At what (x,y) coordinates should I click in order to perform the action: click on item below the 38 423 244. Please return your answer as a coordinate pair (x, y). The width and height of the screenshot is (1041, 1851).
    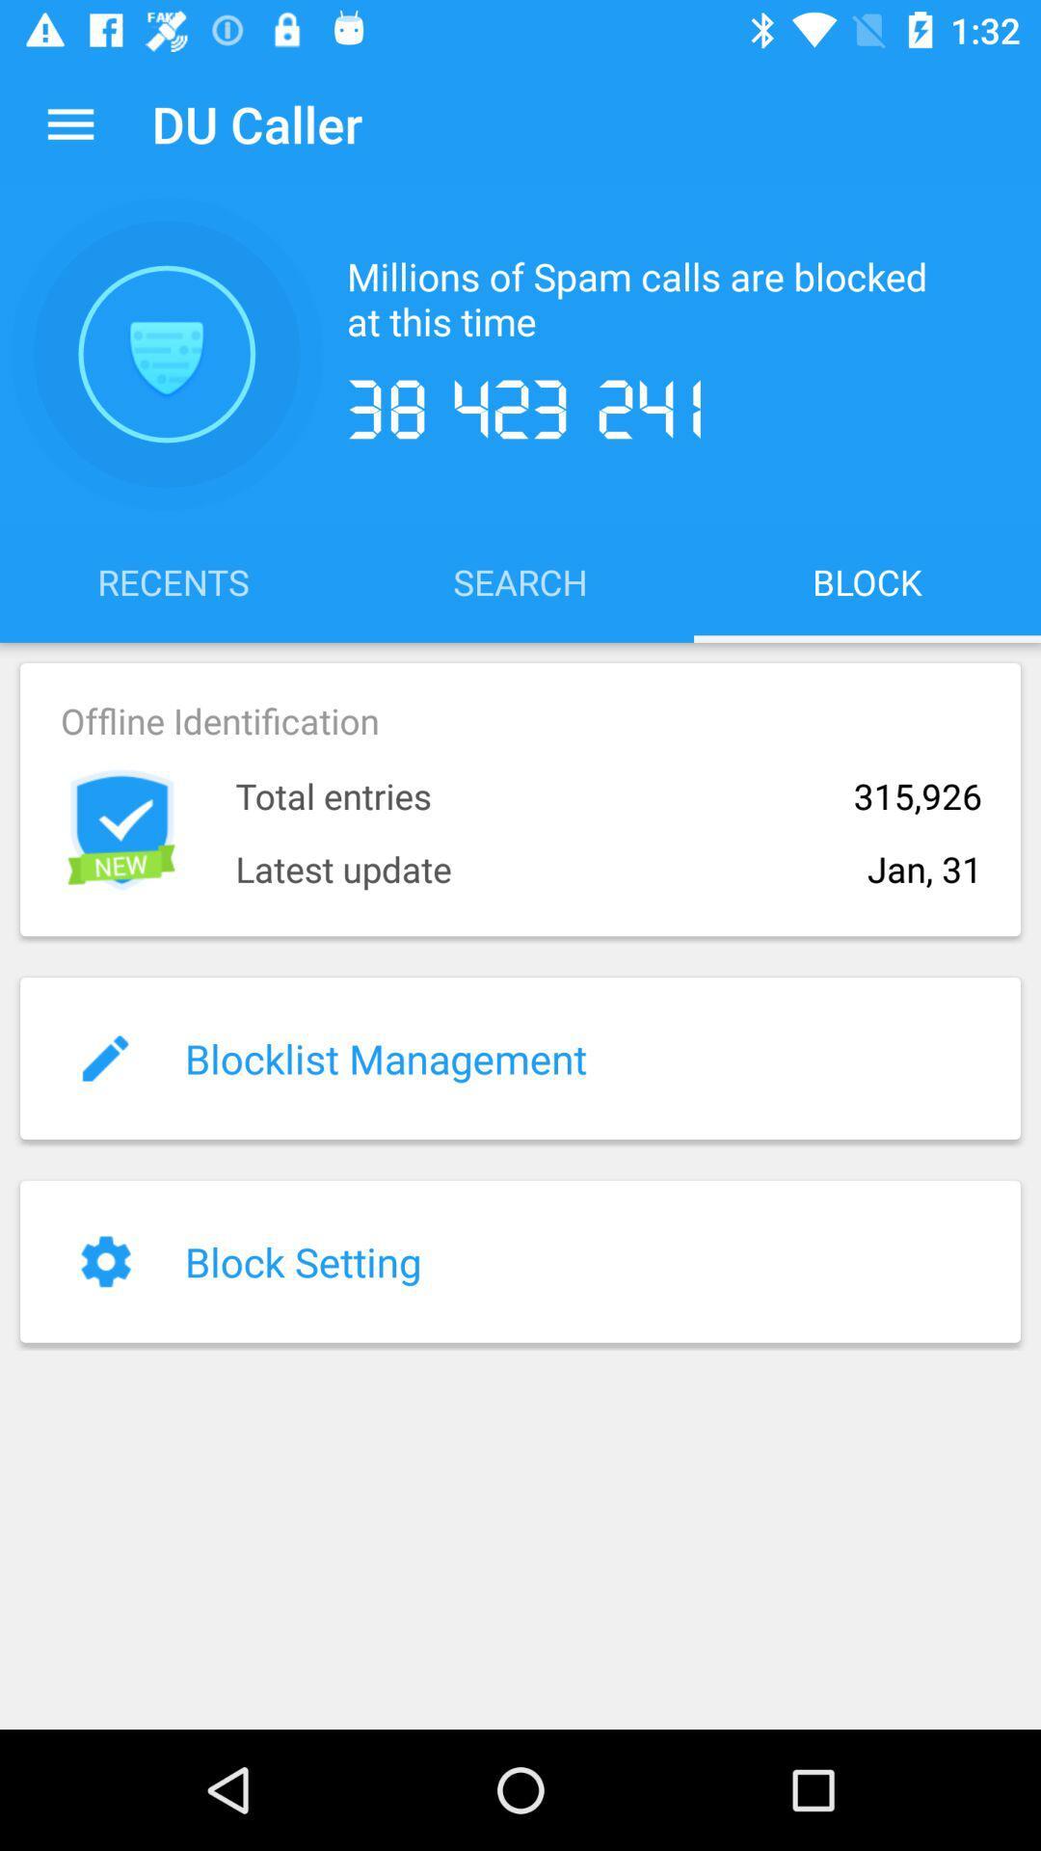
    Looking at the image, I should click on (520, 580).